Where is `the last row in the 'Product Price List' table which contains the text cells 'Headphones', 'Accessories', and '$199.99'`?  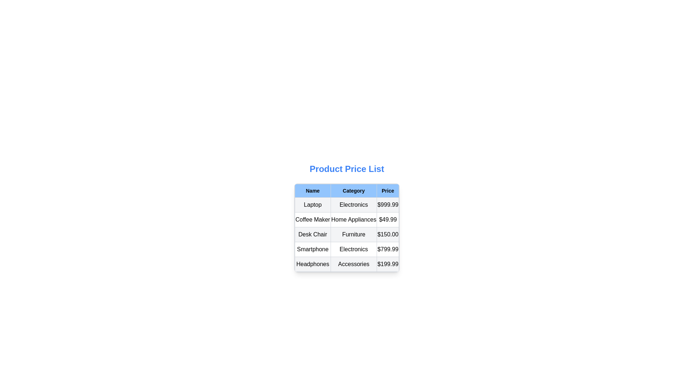 the last row in the 'Product Price List' table which contains the text cells 'Headphones', 'Accessories', and '$199.99' is located at coordinates (346, 264).